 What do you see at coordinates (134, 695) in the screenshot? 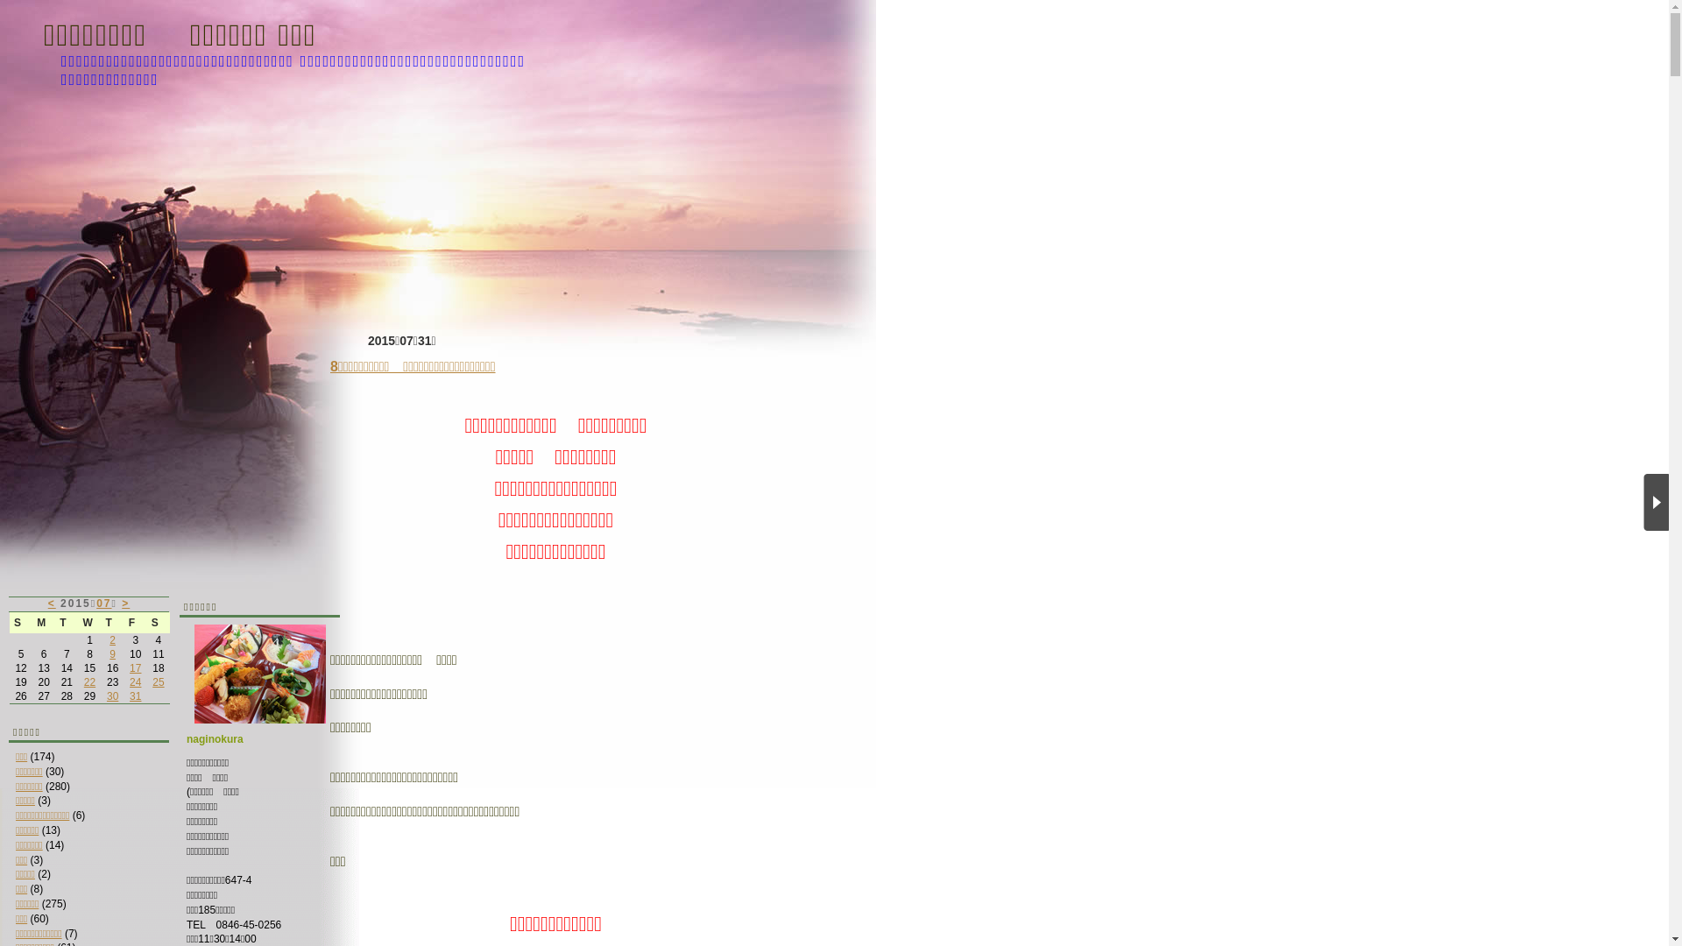
I see `'31'` at bounding box center [134, 695].